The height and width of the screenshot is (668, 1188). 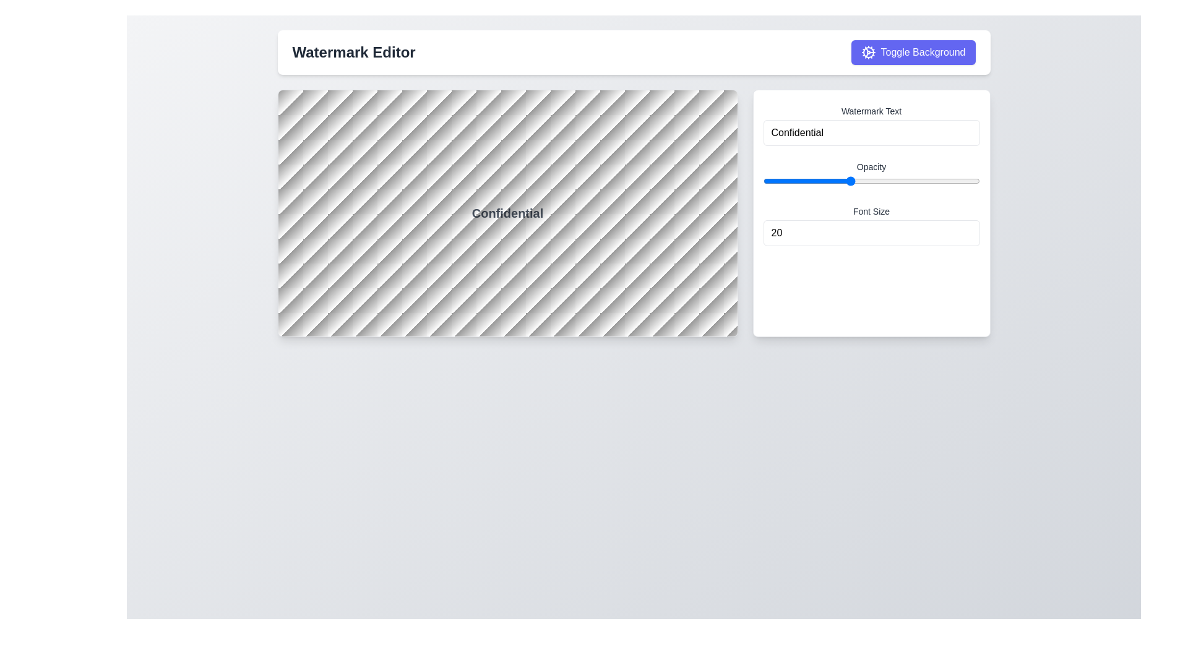 I want to click on the Text label that describes the adjacent input field for setting the font size, located in the settings panel on the right side of the interface, so click(x=871, y=211).